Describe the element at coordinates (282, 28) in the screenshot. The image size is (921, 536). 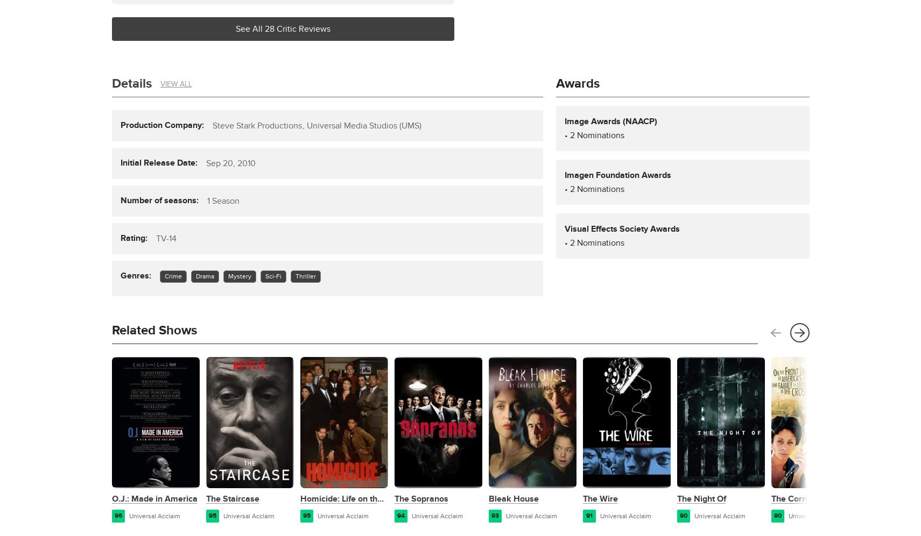
I see `'See All 28 Critic Reviews'` at that location.